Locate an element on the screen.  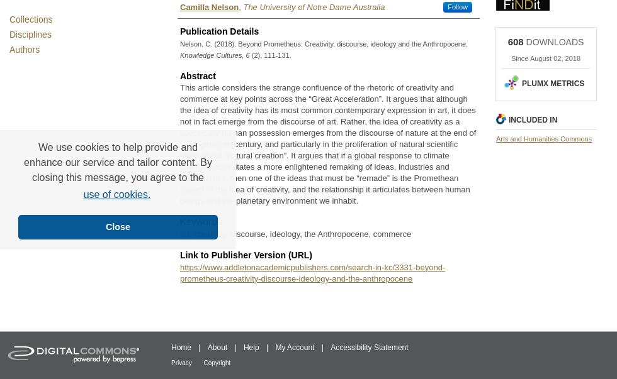
'The University of Notre Dame Australia' is located at coordinates (314, 7).